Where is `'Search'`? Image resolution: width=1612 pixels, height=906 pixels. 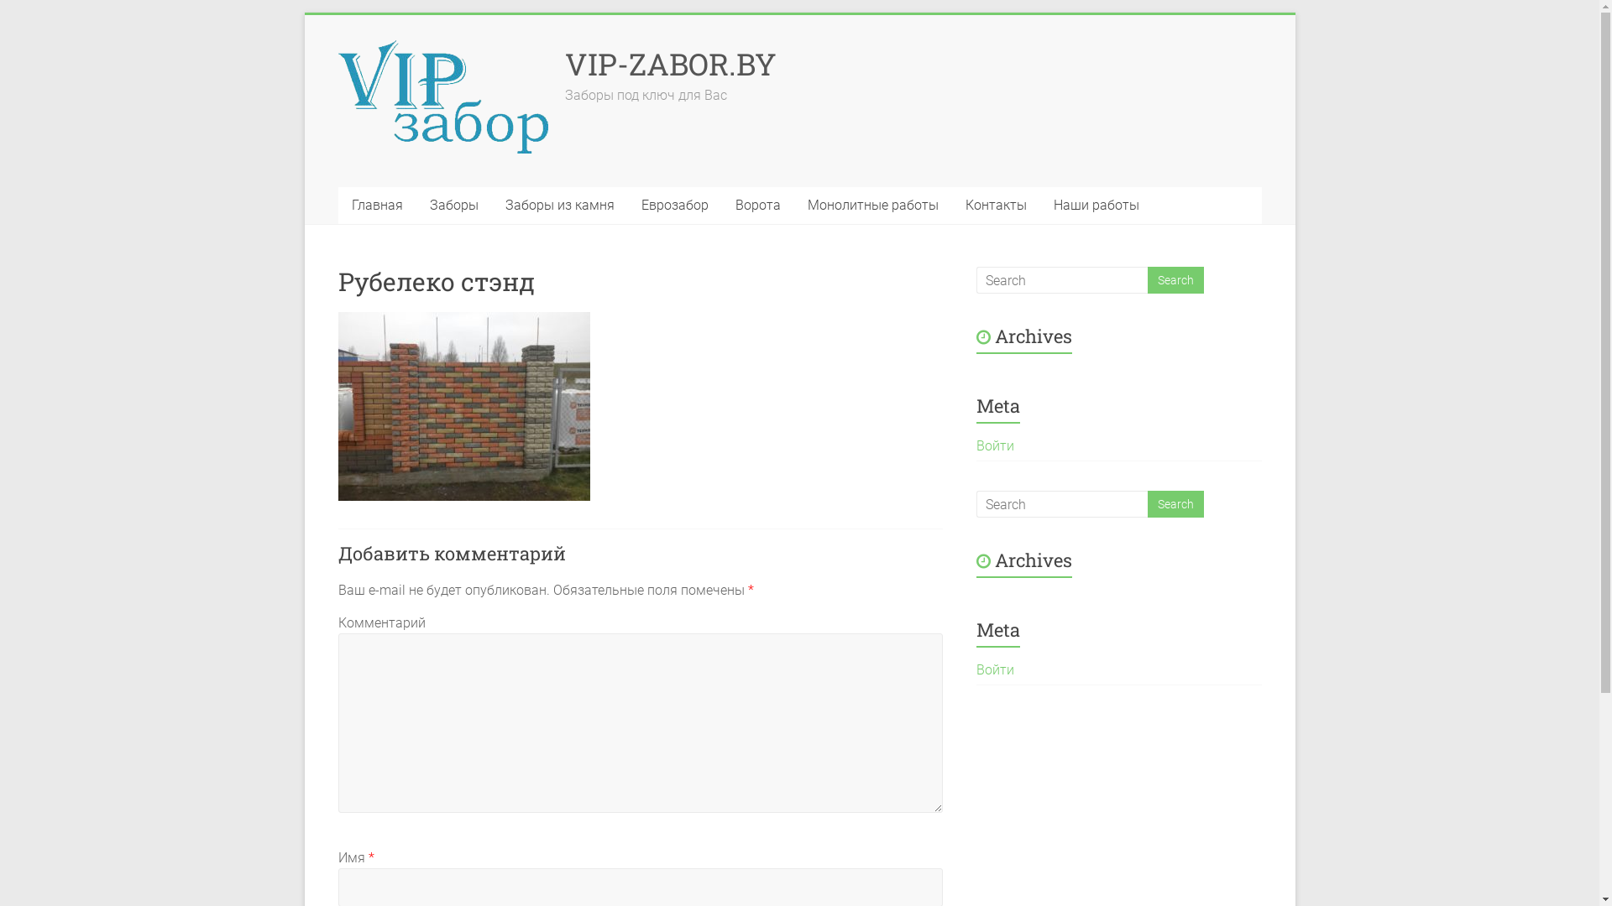 'Search' is located at coordinates (1146, 503).